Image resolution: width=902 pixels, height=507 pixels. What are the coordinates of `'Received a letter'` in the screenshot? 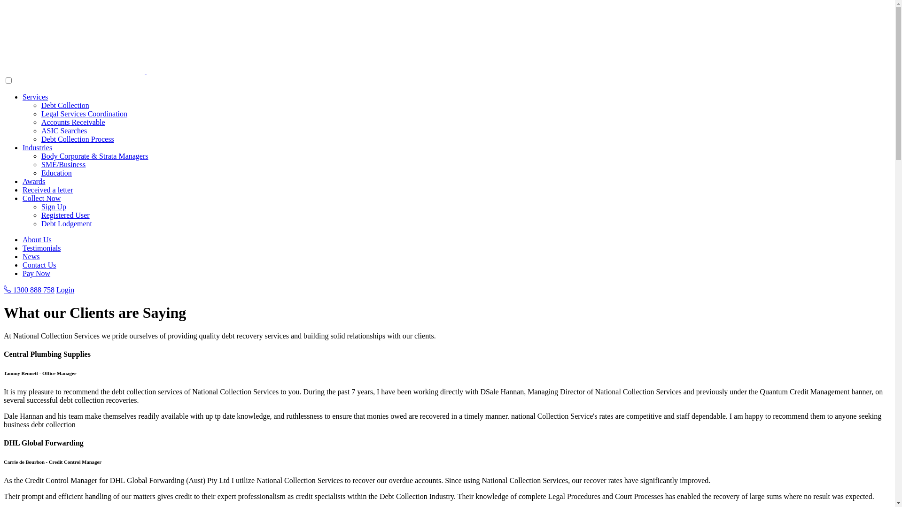 It's located at (47, 190).